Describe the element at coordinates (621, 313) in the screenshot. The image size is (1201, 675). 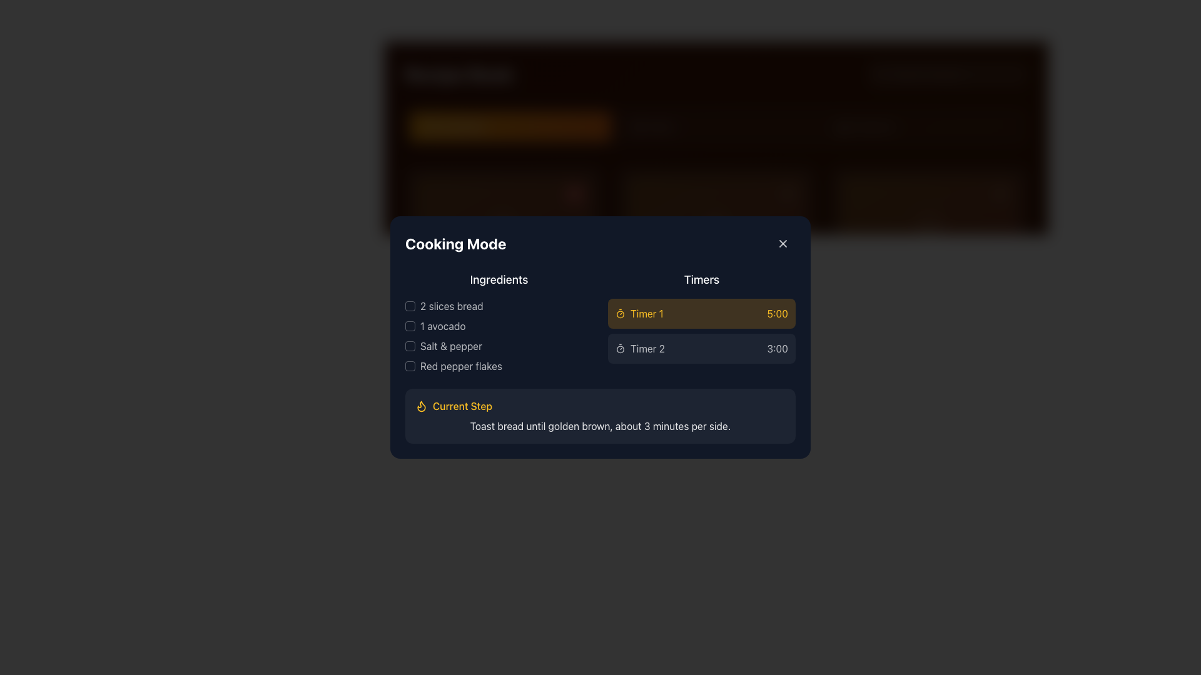
I see `the circular element representing the timer in the 'Cooking Mode' interface, adjacent to 'Timer 1' and '5:00'` at that location.